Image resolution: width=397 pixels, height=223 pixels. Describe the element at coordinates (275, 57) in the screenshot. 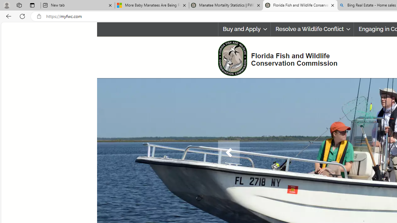

I see `'FWC Logo Florida Fish and Wildlife Conservation Commission'` at that location.